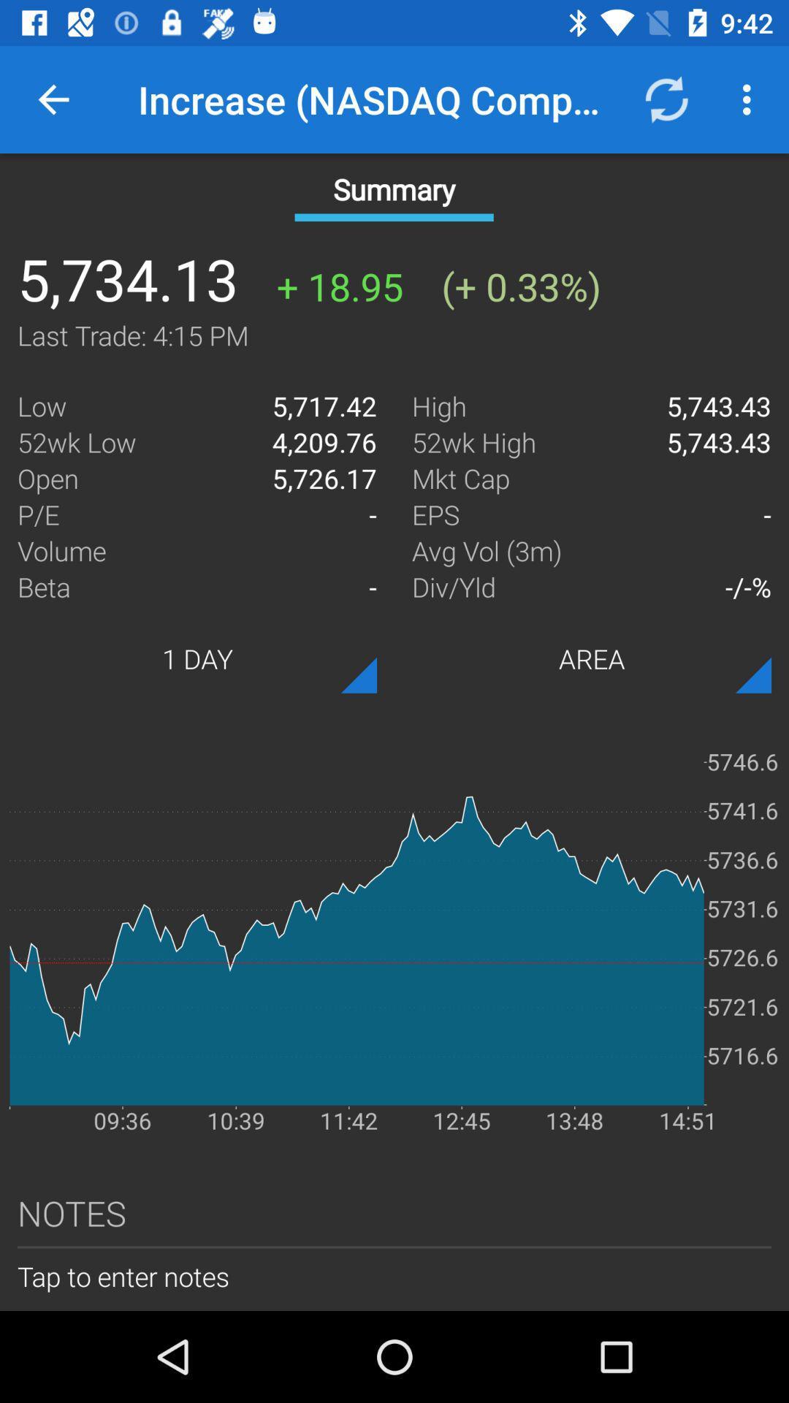 This screenshot has height=1403, width=789. Describe the element at coordinates (197, 658) in the screenshot. I see `item below beta` at that location.